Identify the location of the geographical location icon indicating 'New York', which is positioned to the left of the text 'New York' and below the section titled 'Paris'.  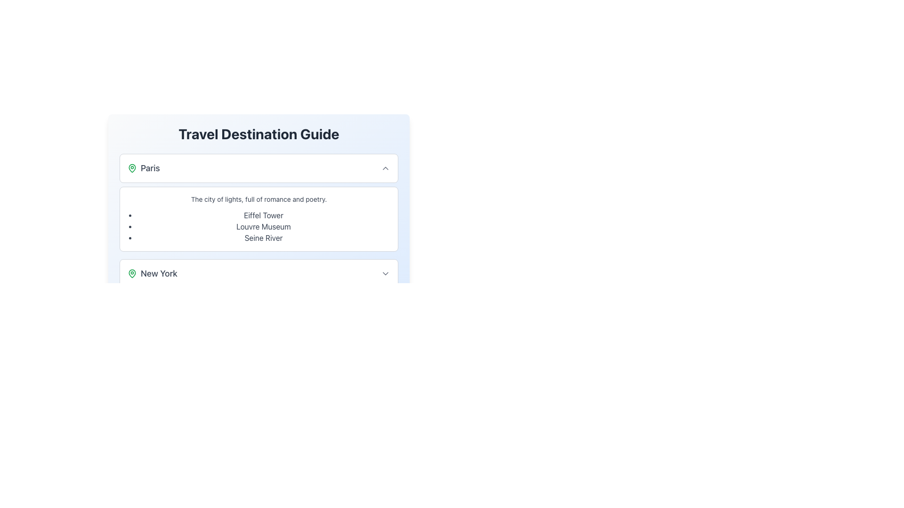
(132, 274).